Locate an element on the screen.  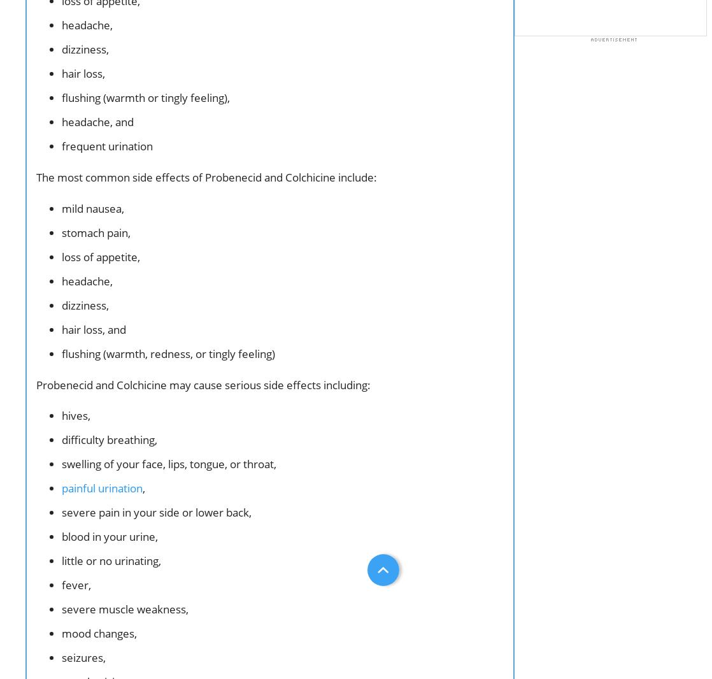
'severe muscle weakness,' is located at coordinates (125, 609).